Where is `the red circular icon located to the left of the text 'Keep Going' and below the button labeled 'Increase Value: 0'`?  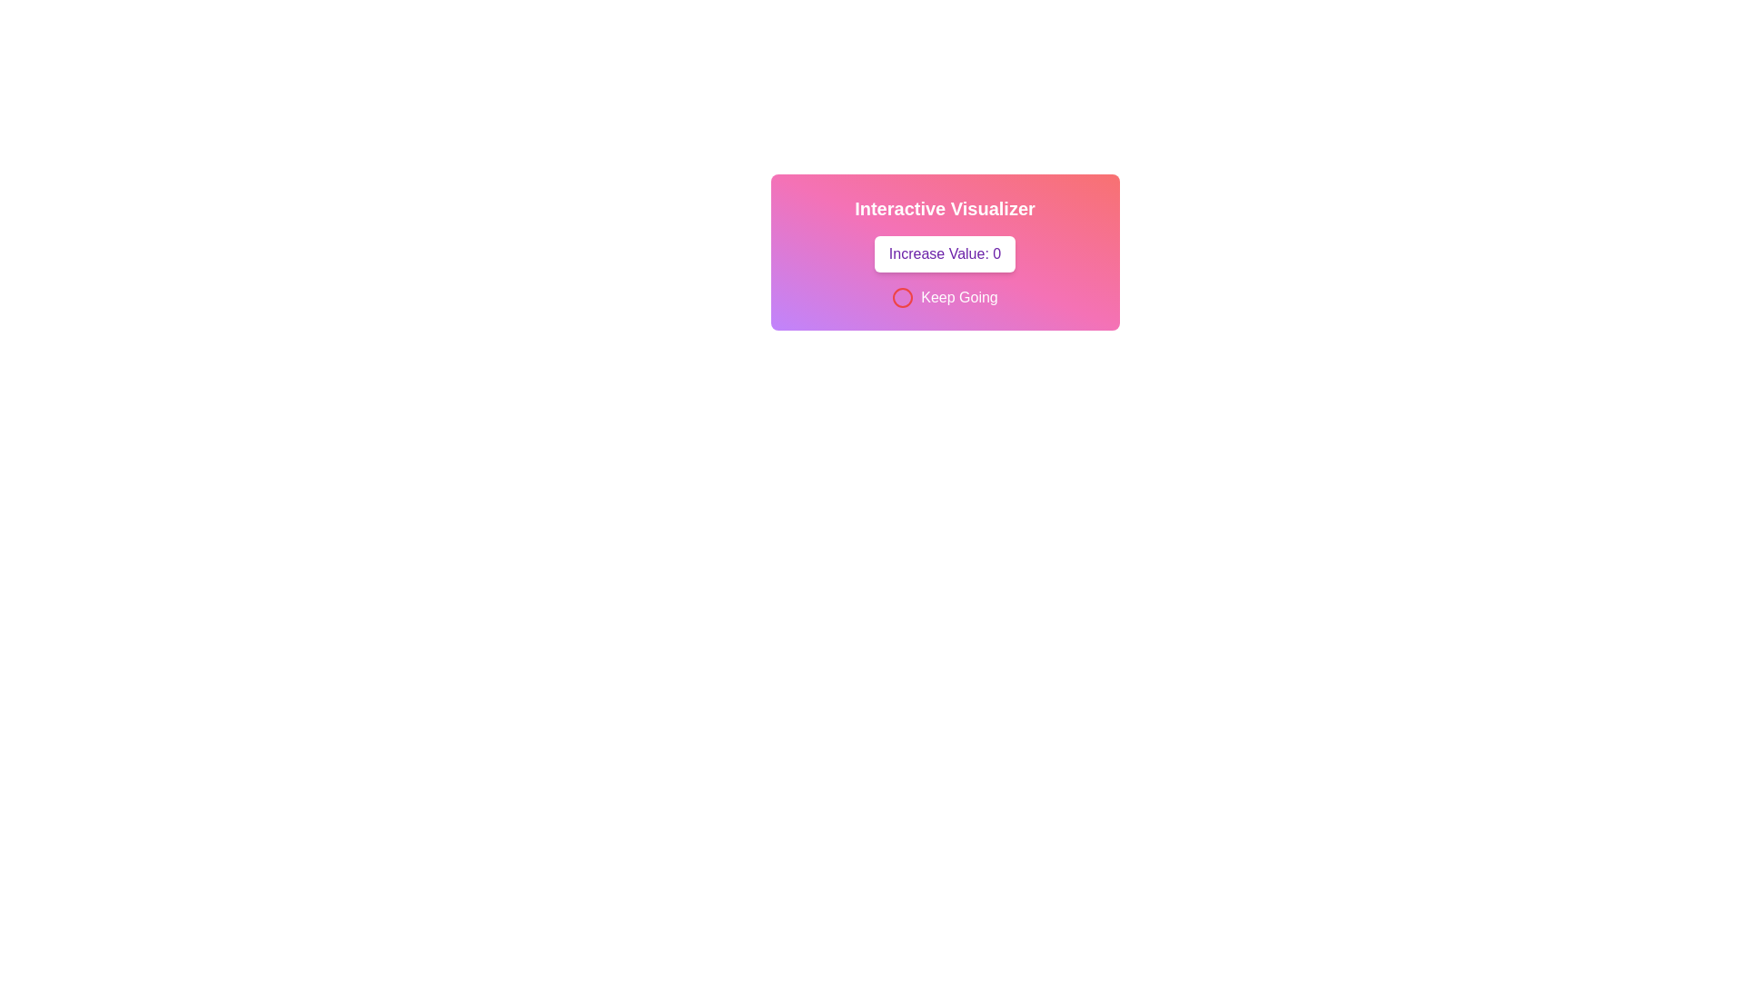 the red circular icon located to the left of the text 'Keep Going' and below the button labeled 'Increase Value: 0' is located at coordinates (903, 296).